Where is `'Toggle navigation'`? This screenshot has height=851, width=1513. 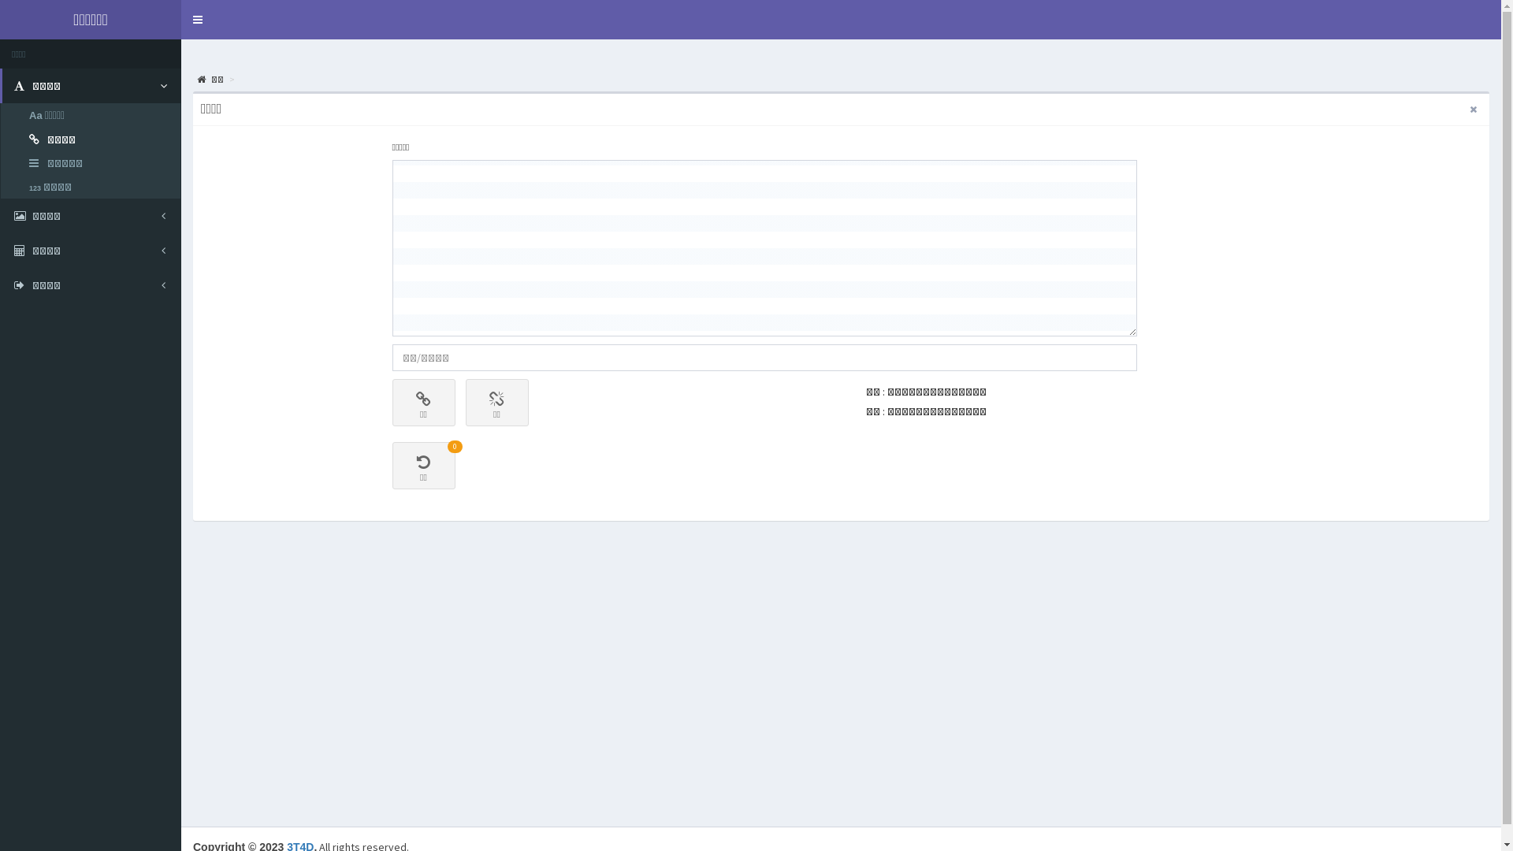 'Toggle navigation' is located at coordinates (196, 19).